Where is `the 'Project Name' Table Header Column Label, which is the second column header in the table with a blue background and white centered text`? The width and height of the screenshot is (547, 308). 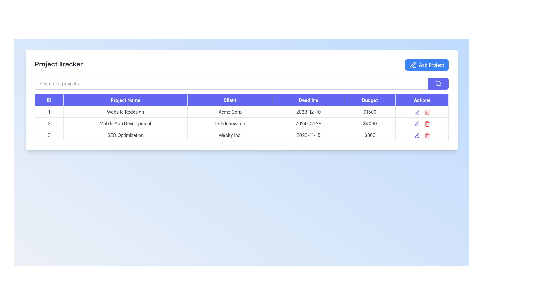 the 'Project Name' Table Header Column Label, which is the second column header in the table with a blue background and white centered text is located at coordinates (125, 100).